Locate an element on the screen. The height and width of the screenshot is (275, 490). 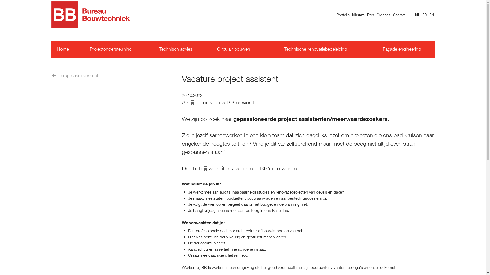
'EN' is located at coordinates (431, 14).